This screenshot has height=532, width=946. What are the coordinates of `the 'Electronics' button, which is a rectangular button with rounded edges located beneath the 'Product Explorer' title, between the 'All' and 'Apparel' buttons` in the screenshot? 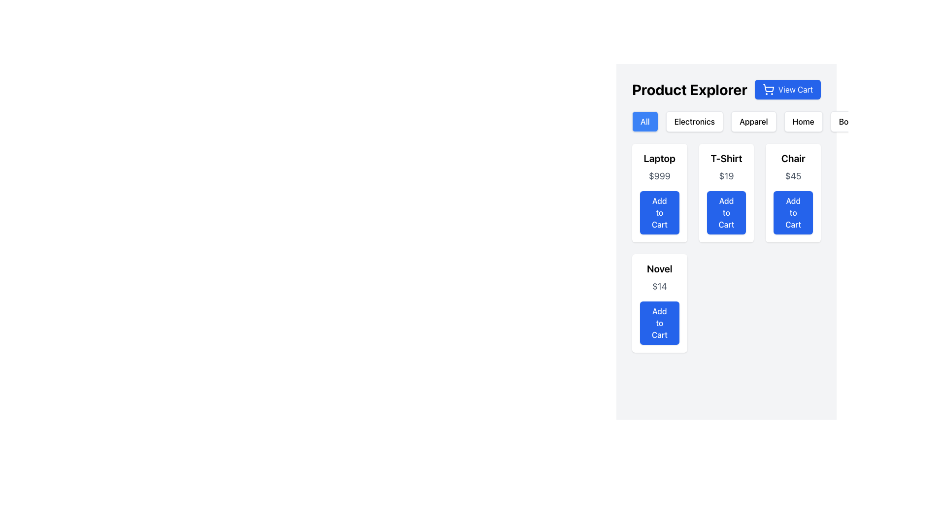 It's located at (694, 121).